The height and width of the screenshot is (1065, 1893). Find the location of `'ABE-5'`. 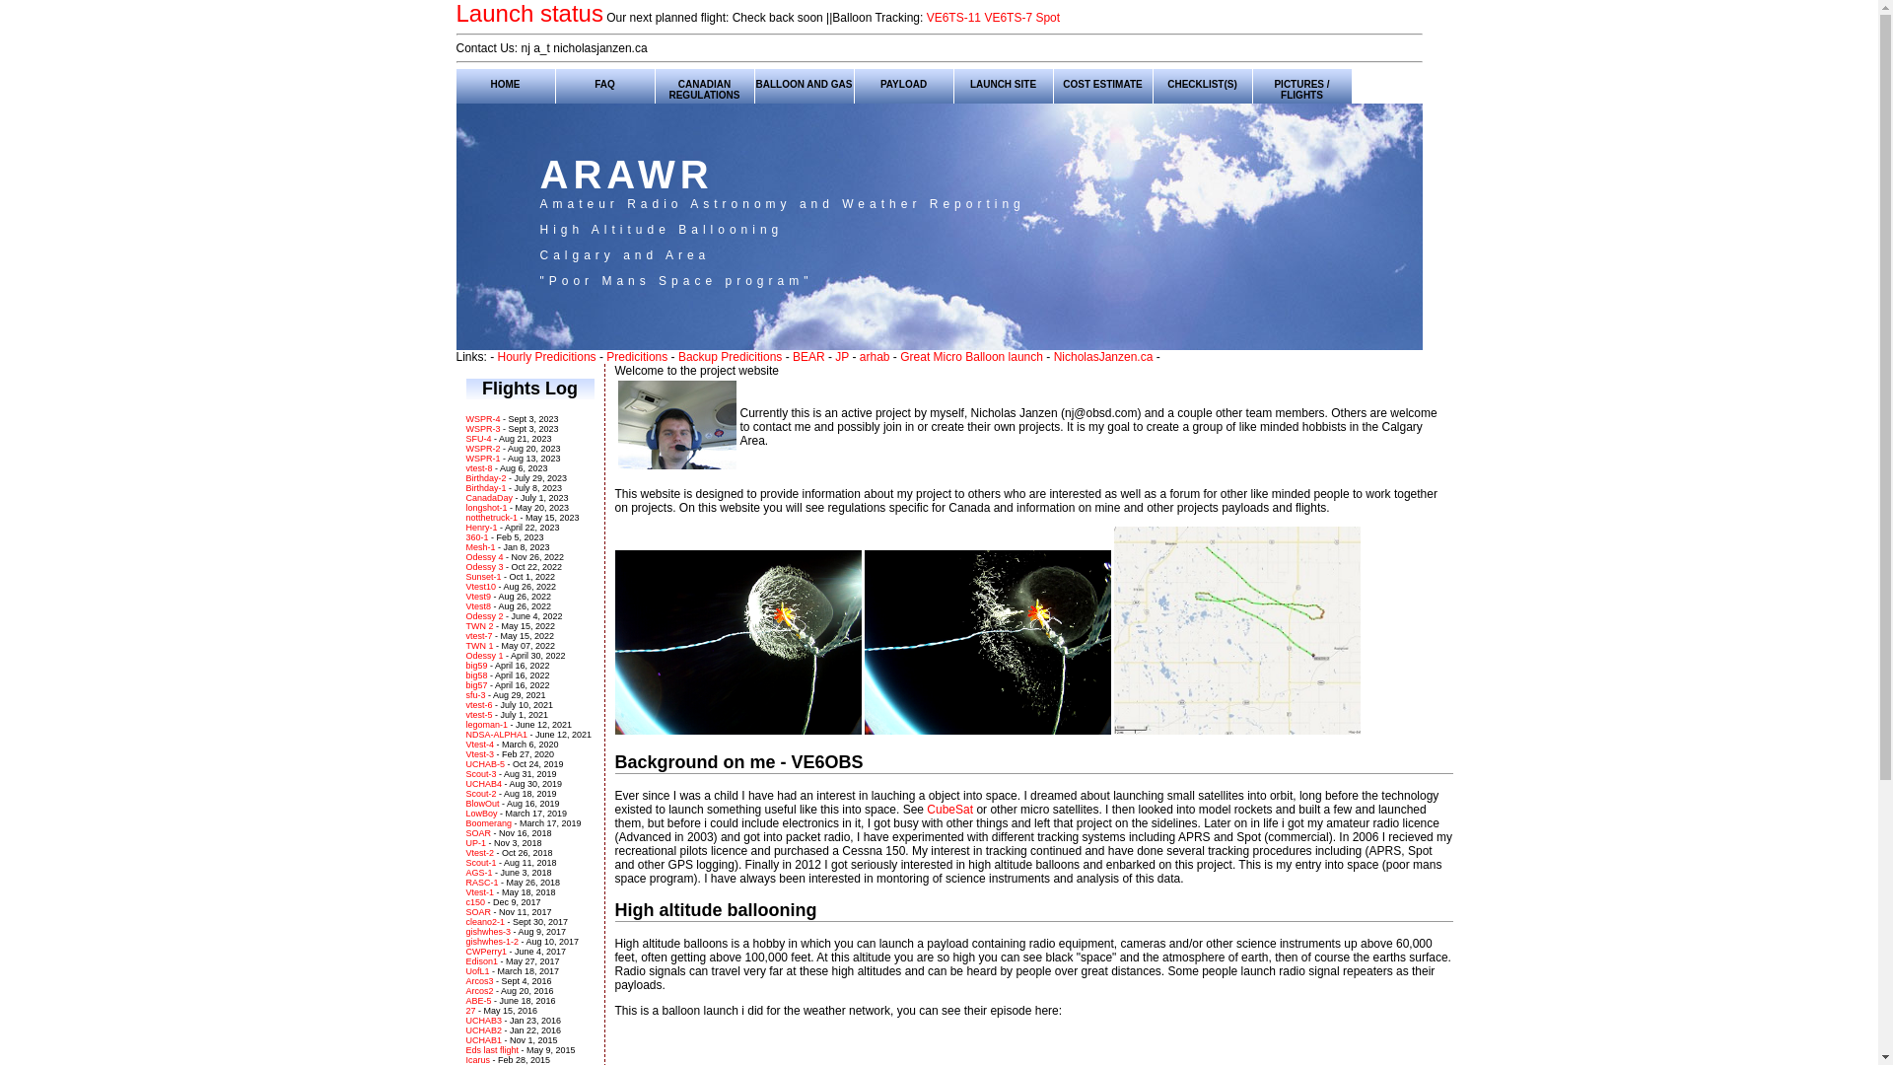

'ABE-5' is located at coordinates (479, 1000).